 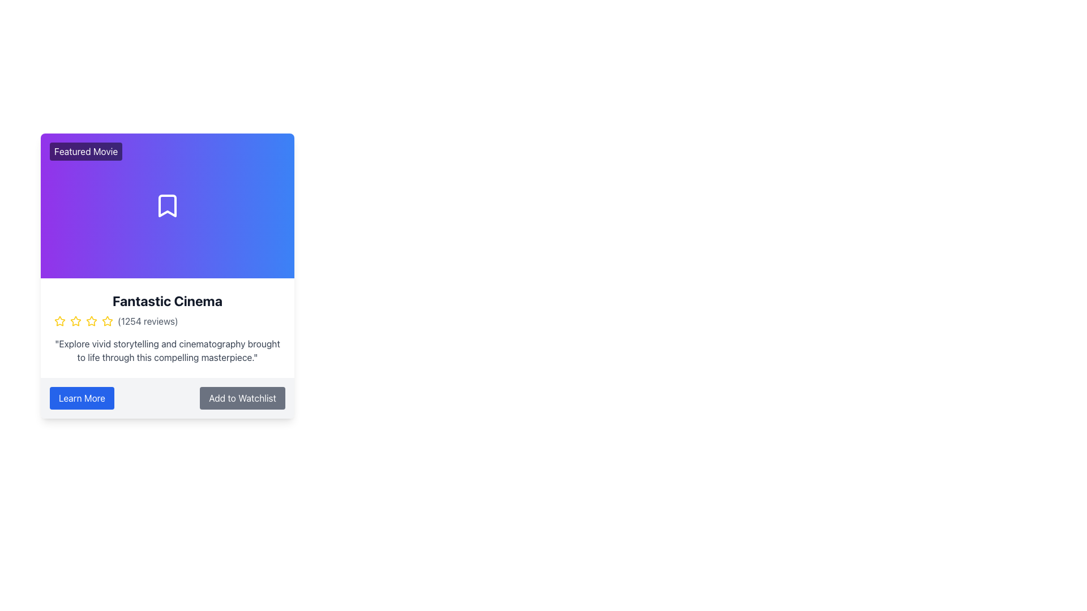 What do you see at coordinates (59, 321) in the screenshot?
I see `the stylized yellow outlined star icon, which is the first in a set of five stars located to the left of '(1254 reviews)' in the content card below 'Fantastic Cinema'` at bounding box center [59, 321].